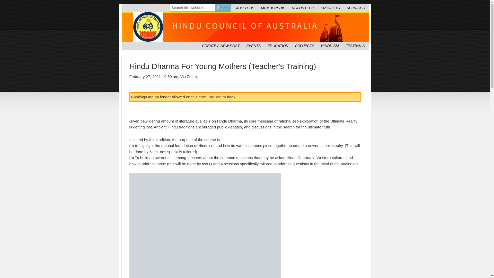 The width and height of the screenshot is (494, 278). I want to click on 'VOLUNTEER', so click(303, 8).